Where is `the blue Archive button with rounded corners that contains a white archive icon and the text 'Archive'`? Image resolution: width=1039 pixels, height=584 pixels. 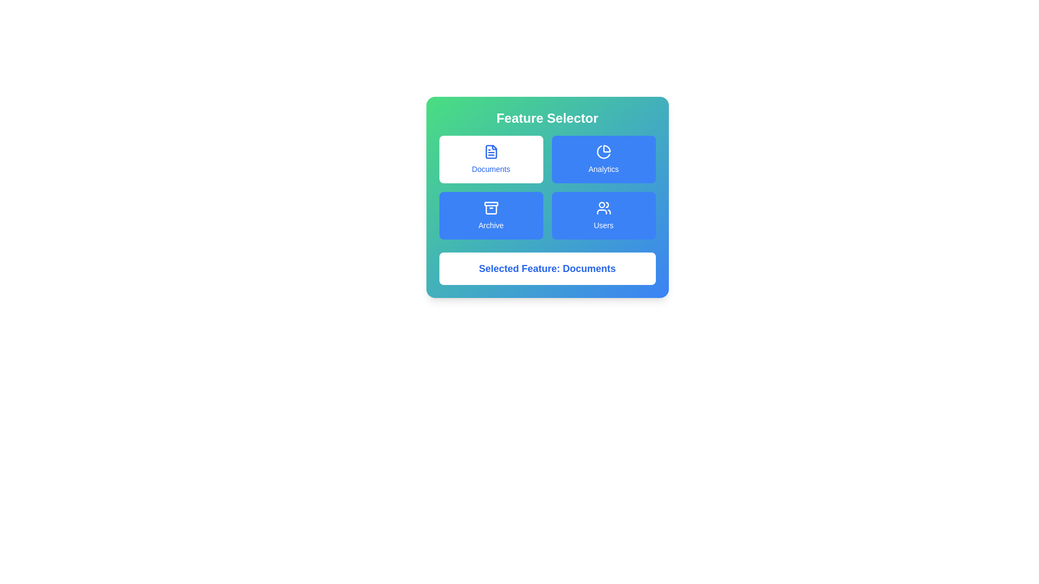 the blue Archive button with rounded corners that contains a white archive icon and the text 'Archive' is located at coordinates (490, 215).